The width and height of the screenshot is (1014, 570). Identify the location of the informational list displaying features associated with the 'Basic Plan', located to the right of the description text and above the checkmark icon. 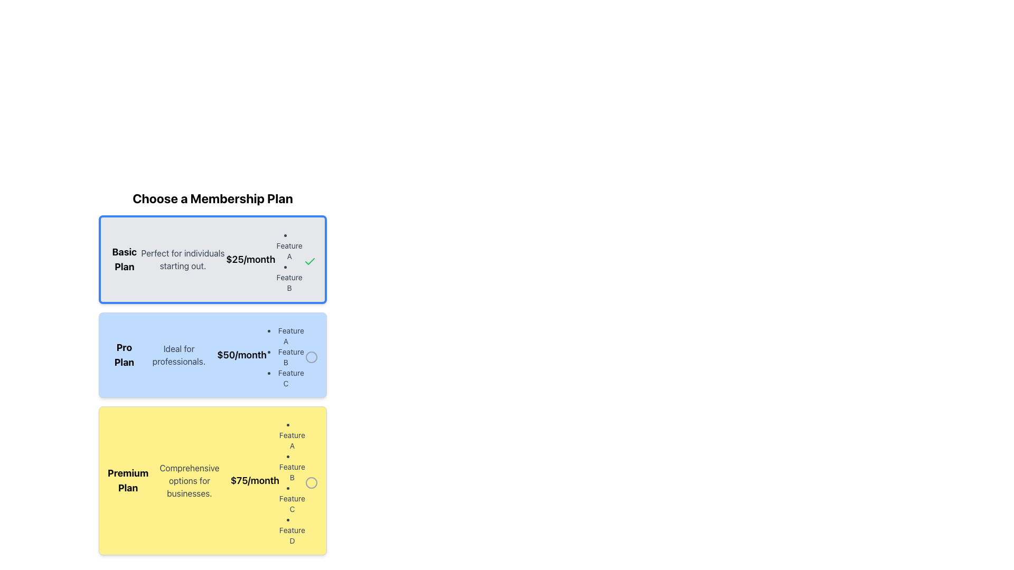
(289, 261).